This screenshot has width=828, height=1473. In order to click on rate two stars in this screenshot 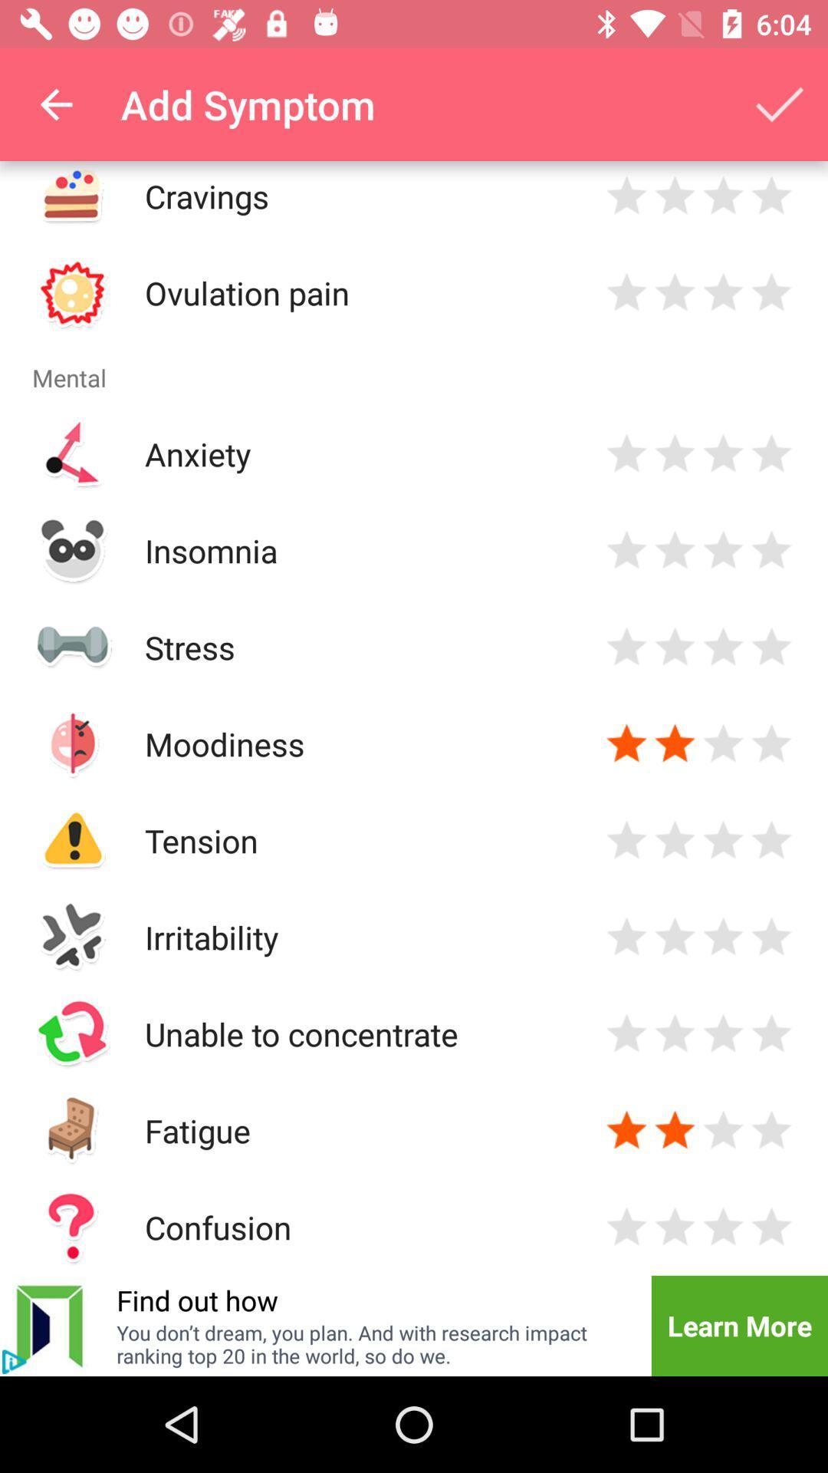, I will do `click(674, 292)`.